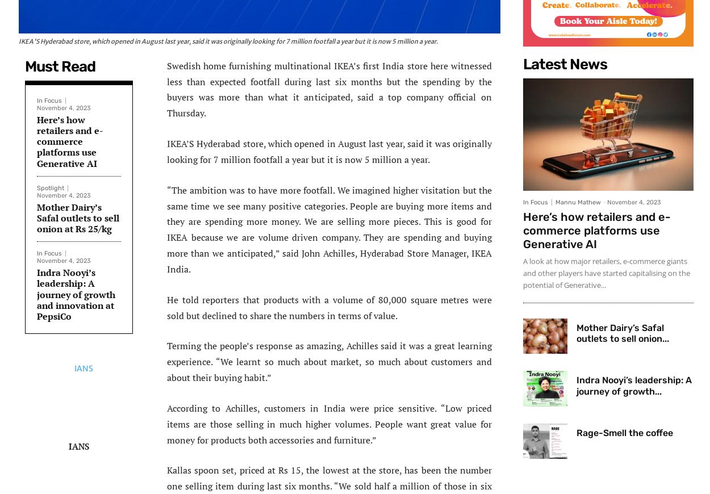 This screenshot has width=710, height=494. I want to click on 'Rage-Smell the coffee', so click(624, 432).